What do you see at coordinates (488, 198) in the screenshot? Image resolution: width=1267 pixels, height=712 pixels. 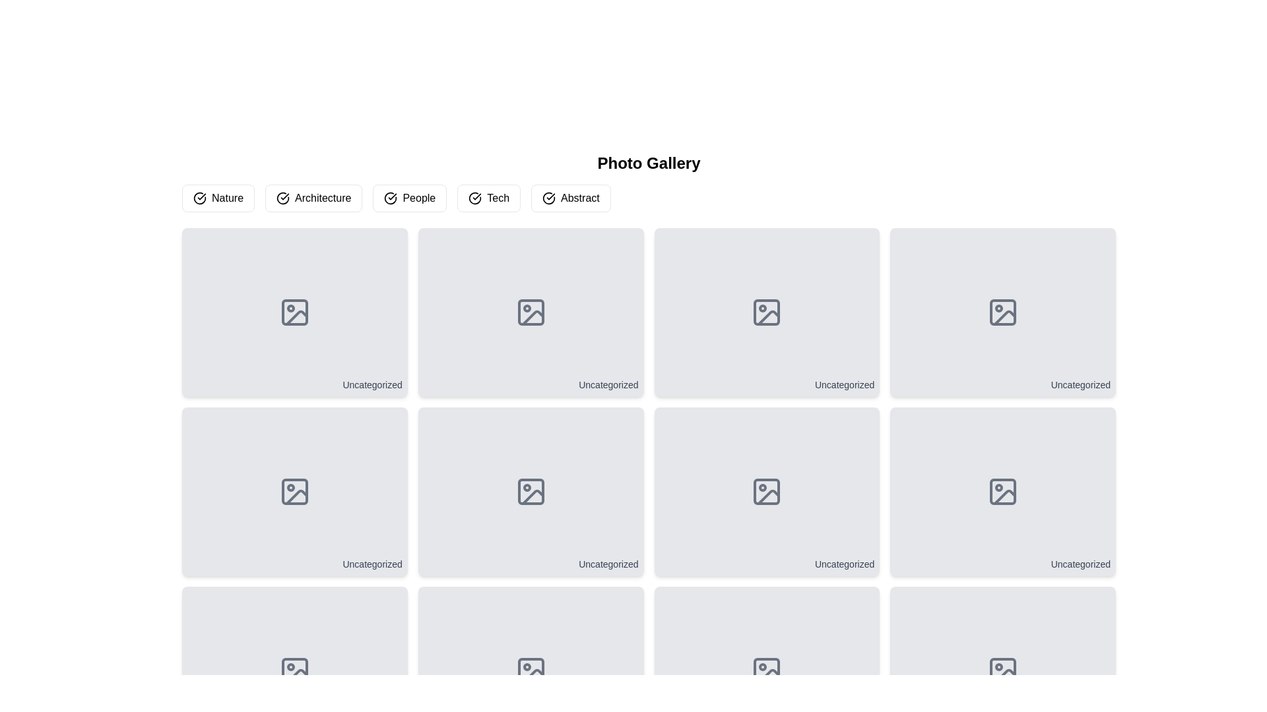 I see `the button labeled 'Tech' that has a white background with black text and a check mark icon, located in the fourth position in a row of buttons under 'Photo Gallery' to apply the 'Tech' filter` at bounding box center [488, 198].